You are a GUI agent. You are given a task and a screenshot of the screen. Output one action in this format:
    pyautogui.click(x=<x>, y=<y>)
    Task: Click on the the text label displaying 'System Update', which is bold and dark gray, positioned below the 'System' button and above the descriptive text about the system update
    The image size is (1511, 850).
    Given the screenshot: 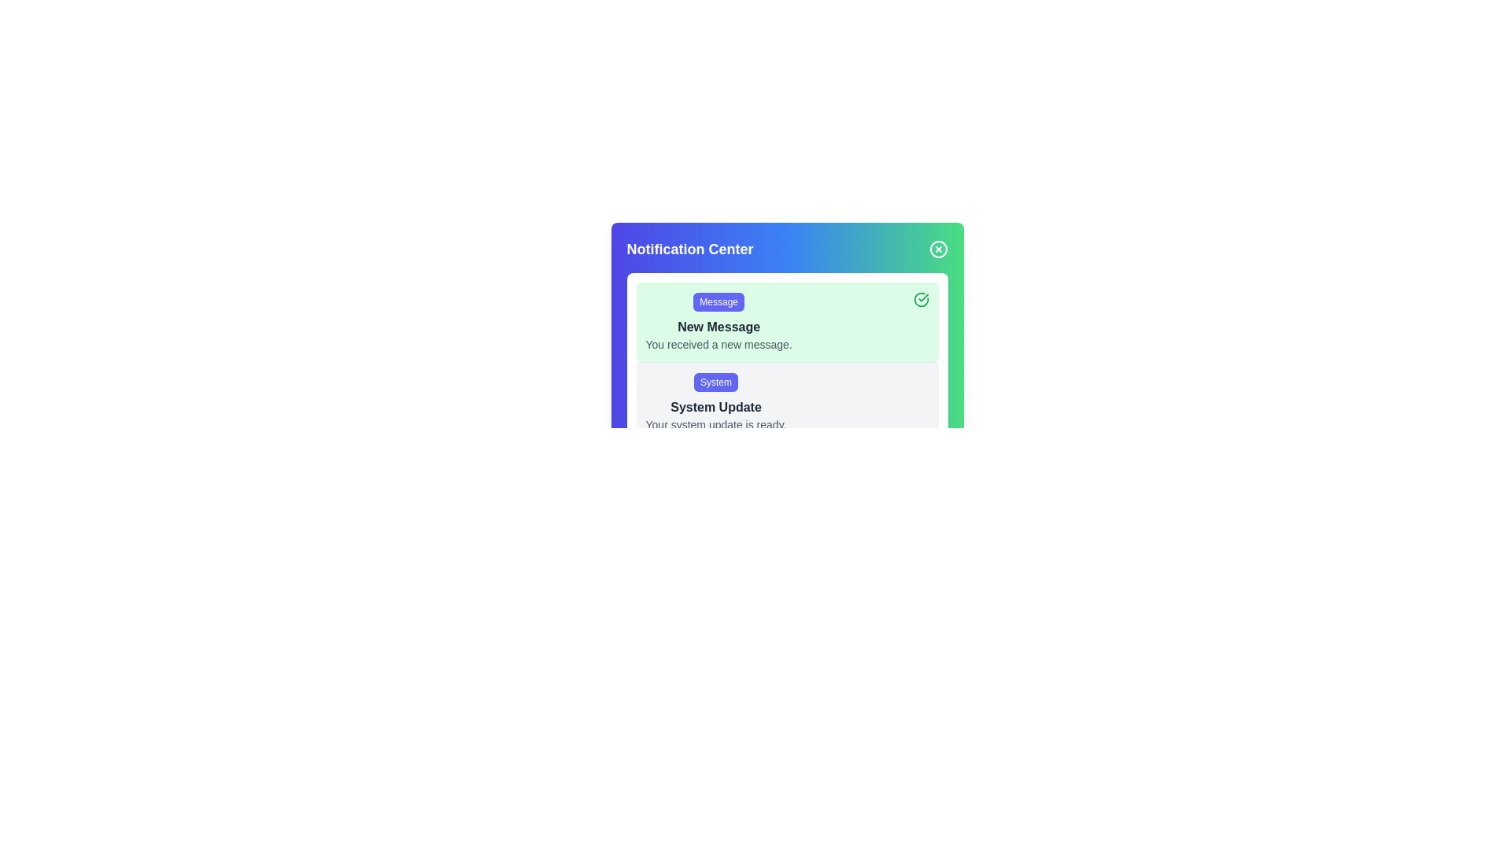 What is the action you would take?
    pyautogui.click(x=715, y=406)
    